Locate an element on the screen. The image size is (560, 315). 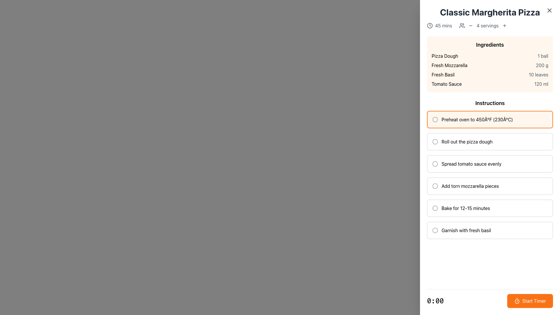
the third list item in the recipe instructions for preparing a classic Margherita pizza, which instructs to 'Spread tomato sauce evenly' is located at coordinates (490, 164).